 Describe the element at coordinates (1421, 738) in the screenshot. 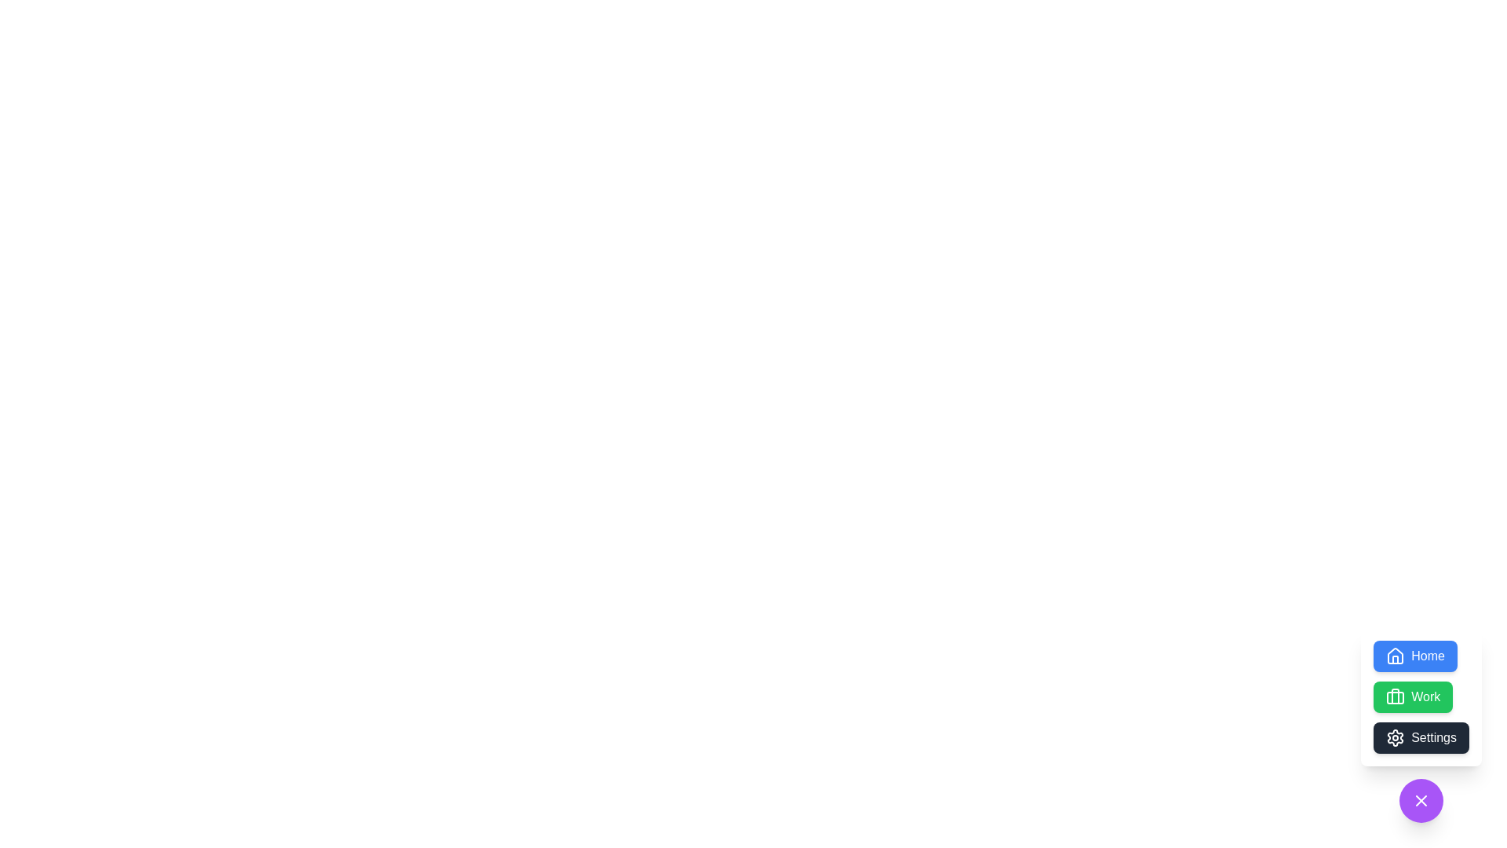

I see `the 'Settings' button, which is the third button in a vertical group of three buttons labeled 'Home', 'Work', and 'Settings'` at that location.